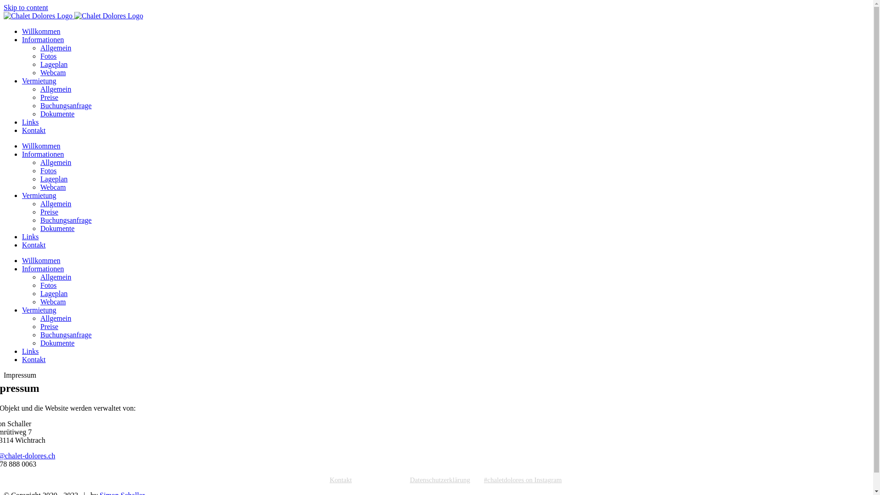 This screenshot has width=880, height=495. Describe the element at coordinates (30, 351) in the screenshot. I see `'Links'` at that location.